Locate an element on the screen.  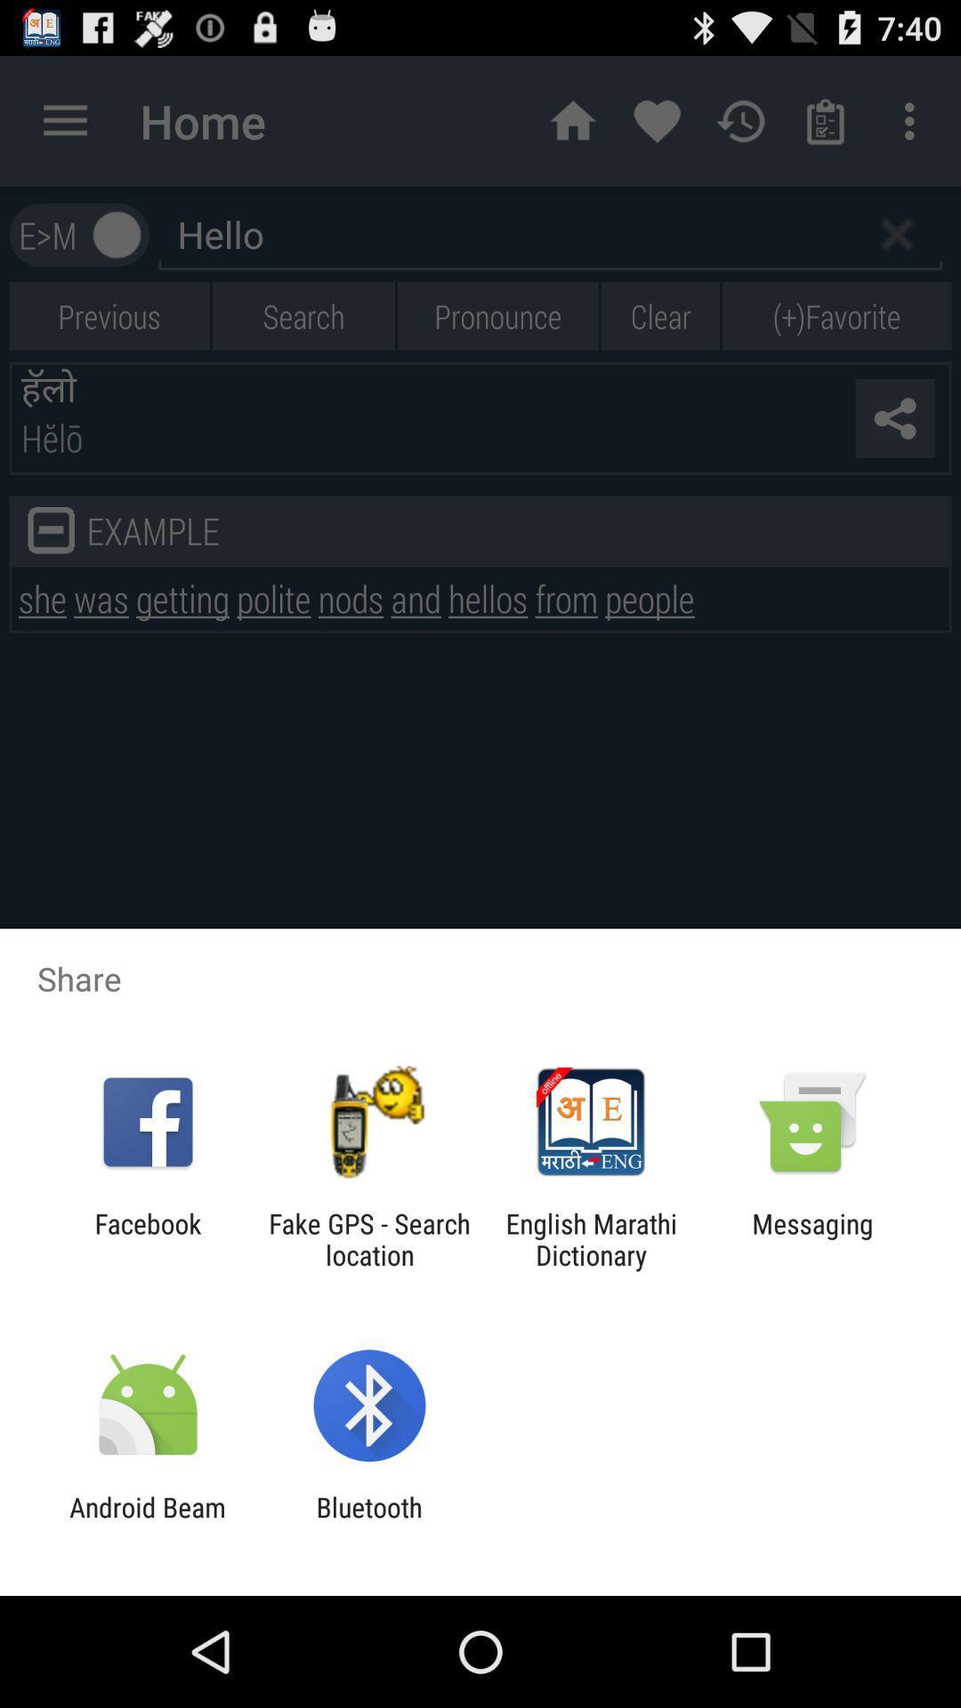
the english marathi dictionary item is located at coordinates (591, 1238).